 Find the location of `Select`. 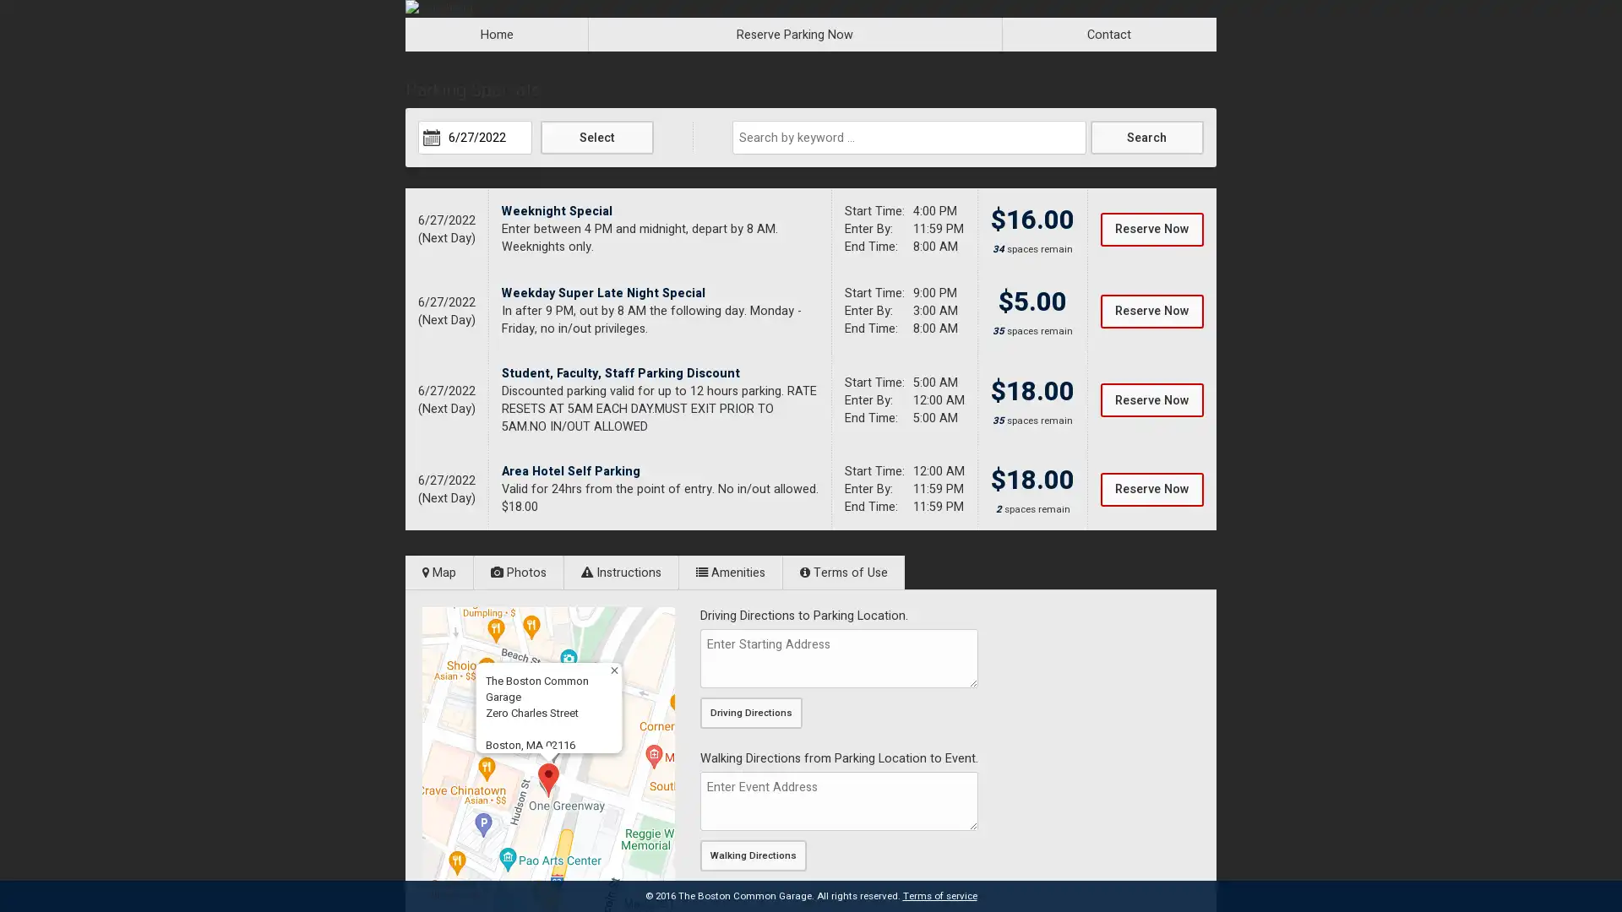

Select is located at coordinates (596, 136).